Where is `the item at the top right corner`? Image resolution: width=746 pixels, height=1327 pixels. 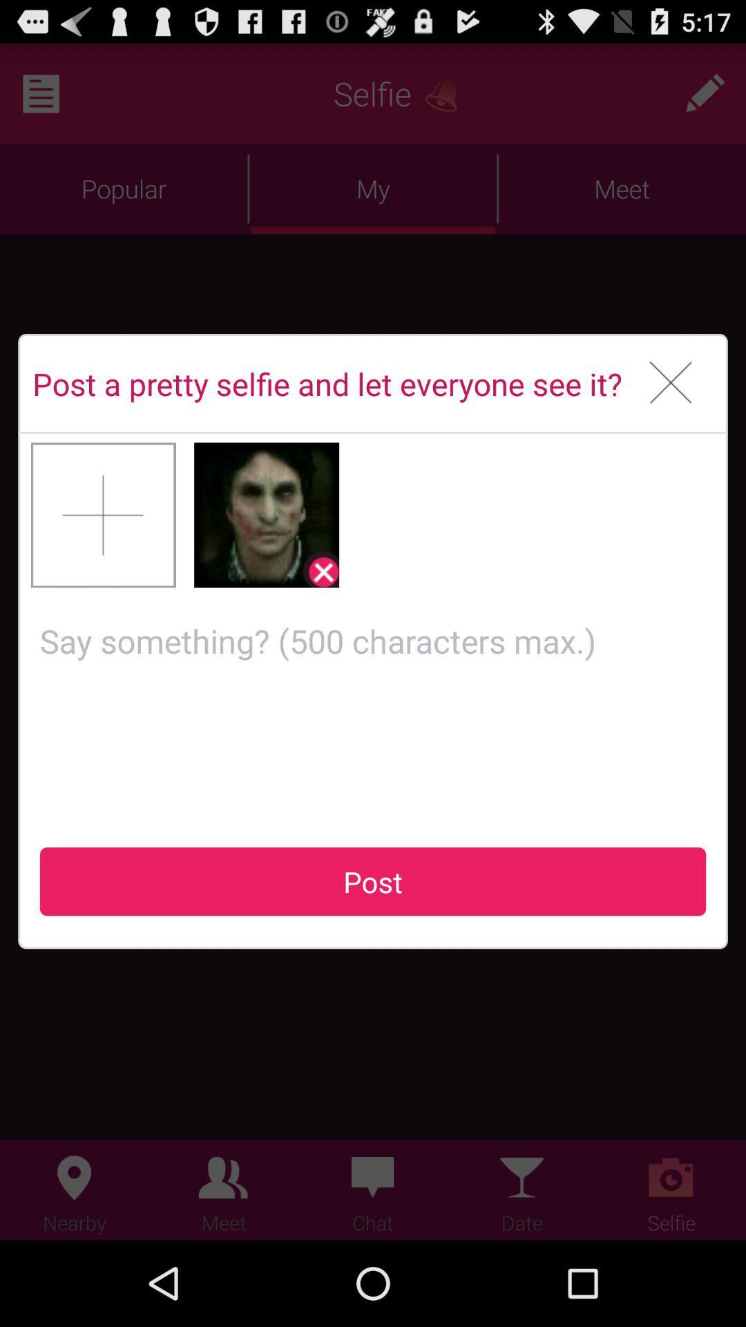 the item at the top right corner is located at coordinates (670, 384).